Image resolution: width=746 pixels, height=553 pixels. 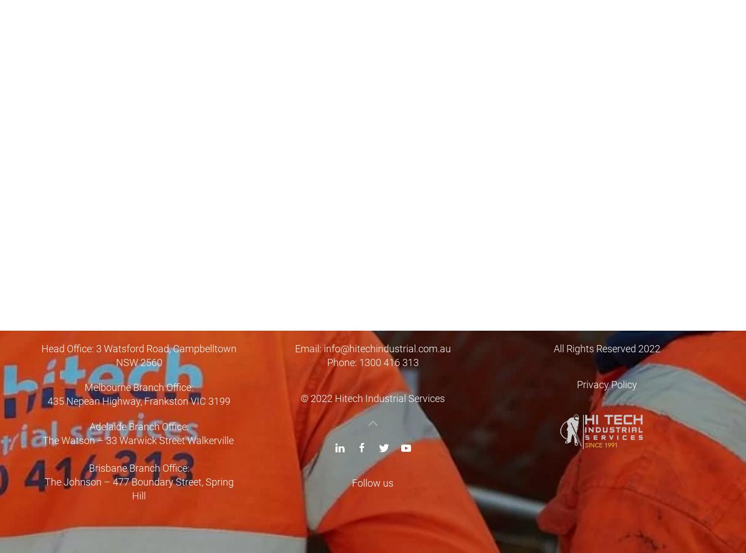 I want to click on 'The Watson – 33 Warwick Street Walkerville', so click(x=138, y=440).